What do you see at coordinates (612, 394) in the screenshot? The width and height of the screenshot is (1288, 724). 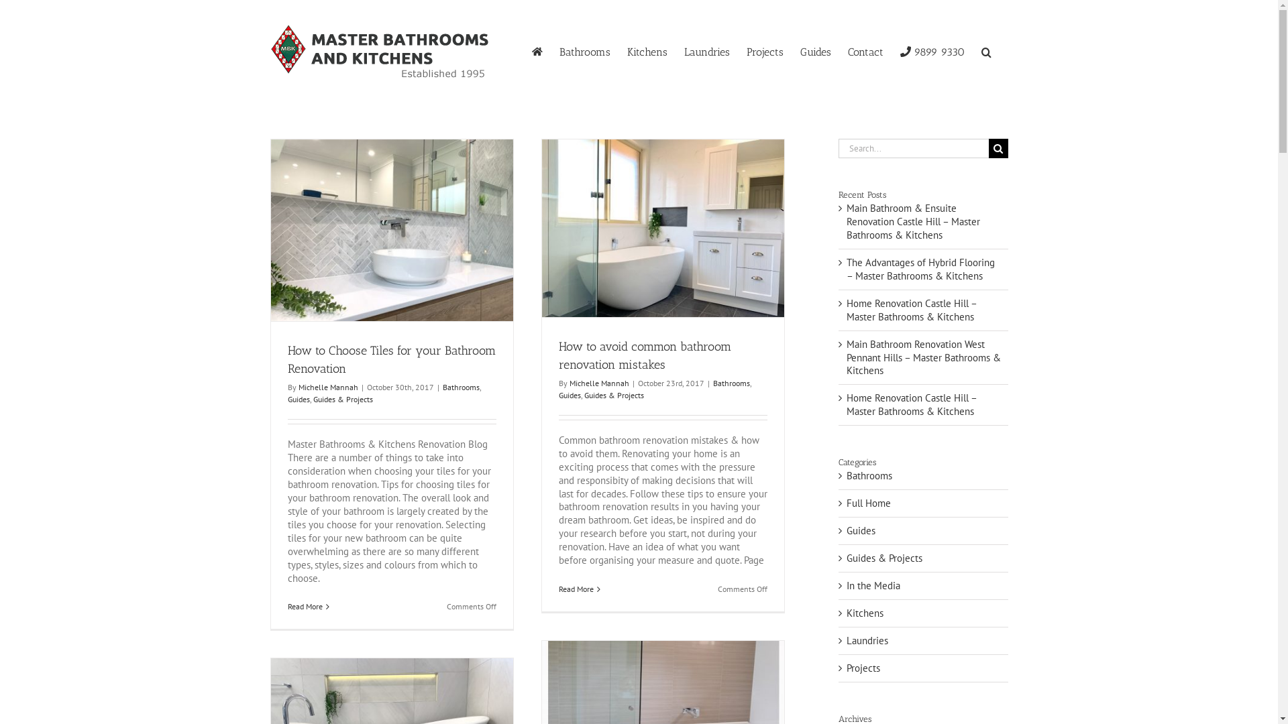 I see `'Guides & Projects'` at bounding box center [612, 394].